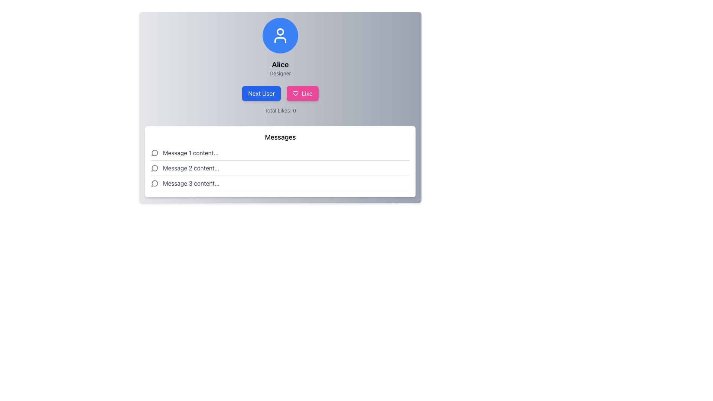  Describe the element at coordinates (295, 93) in the screenshot. I see `the decorative 'Like' icon, which is located at the center of the 'Like' button positioned below the user's profile card, next to the 'Next User' button` at that location.